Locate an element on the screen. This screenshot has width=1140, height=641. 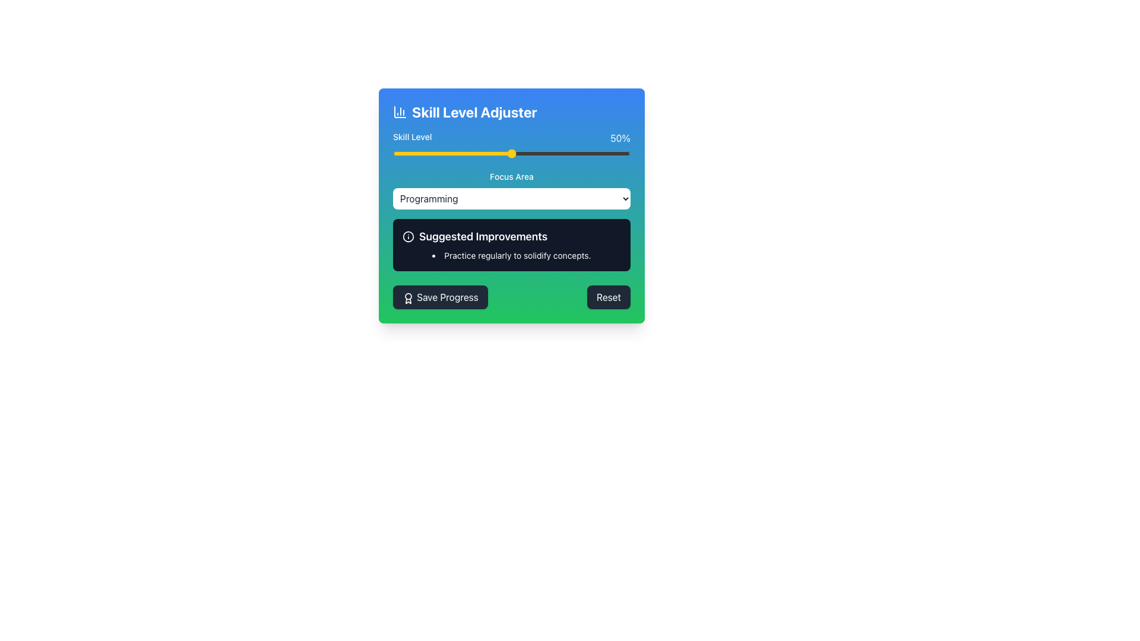
the skill level is located at coordinates (466, 153).